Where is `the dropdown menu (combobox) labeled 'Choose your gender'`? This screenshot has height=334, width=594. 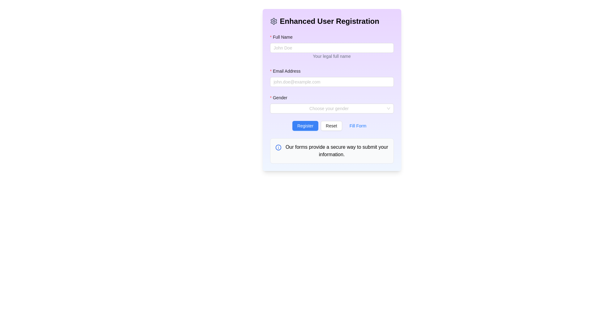
the dropdown menu (combobox) labeled 'Choose your gender' is located at coordinates (331, 108).